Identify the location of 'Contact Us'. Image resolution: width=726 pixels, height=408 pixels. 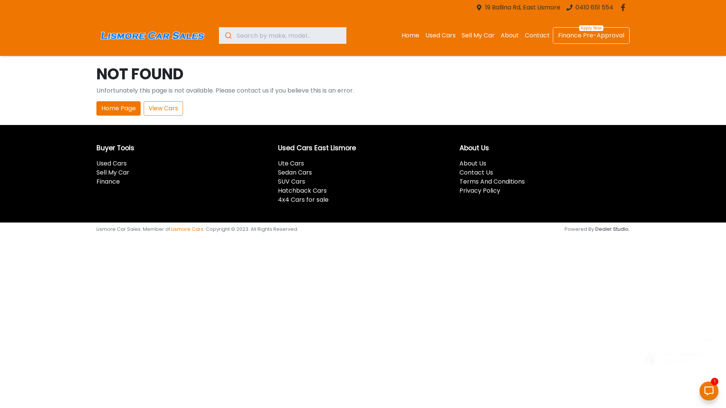
(476, 172).